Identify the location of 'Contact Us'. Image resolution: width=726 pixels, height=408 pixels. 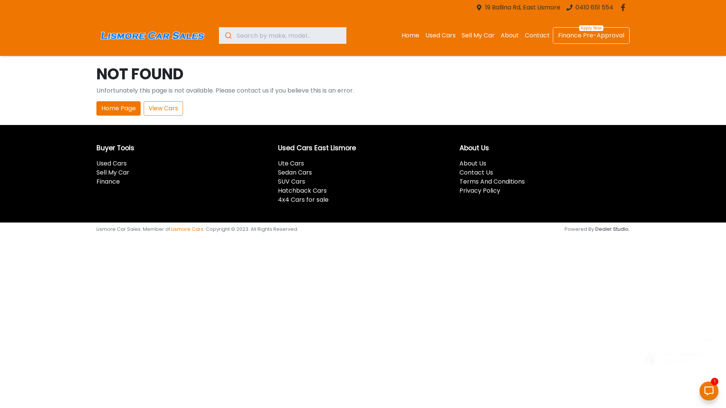
(476, 172).